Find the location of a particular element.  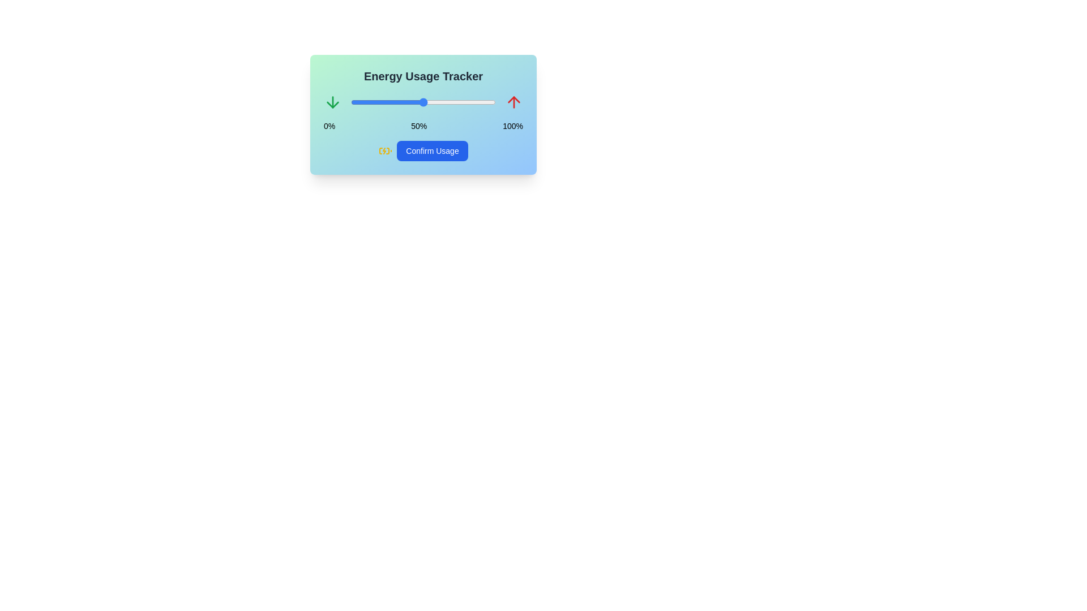

the energy usage slider to 74% is located at coordinates (458, 102).